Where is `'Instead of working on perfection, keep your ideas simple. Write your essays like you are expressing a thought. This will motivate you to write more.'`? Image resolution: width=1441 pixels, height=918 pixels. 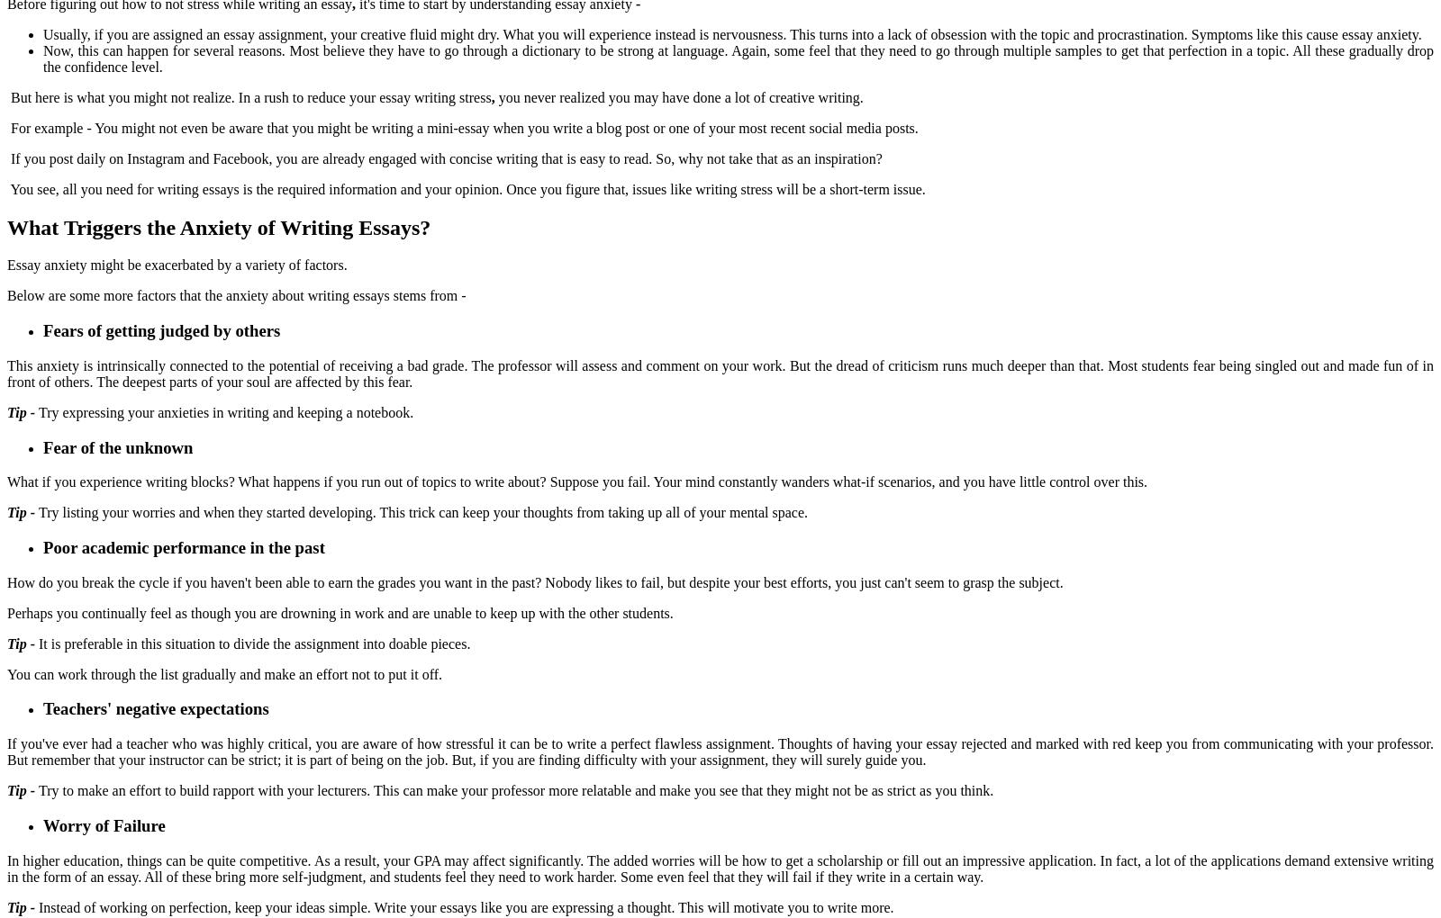
'Instead of working on perfection, keep your ideas simple. Write your essays like you are expressing a thought. This will motivate you to write more.' is located at coordinates (464, 906).